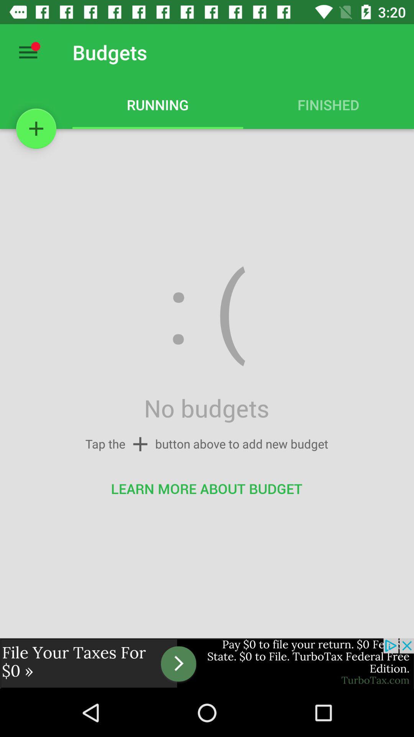 This screenshot has width=414, height=737. I want to click on advertisements, so click(207, 663).